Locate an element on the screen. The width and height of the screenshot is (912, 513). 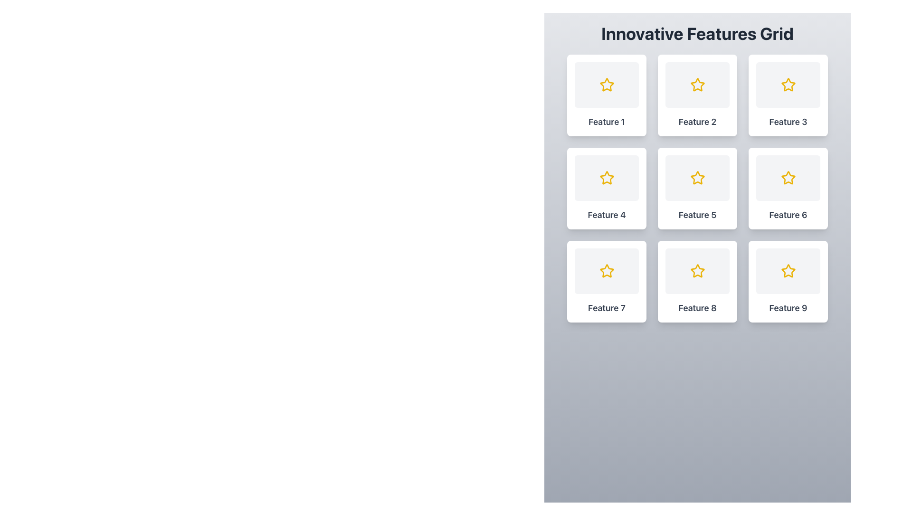
the fourth card in the grid layout is located at coordinates (606, 189).